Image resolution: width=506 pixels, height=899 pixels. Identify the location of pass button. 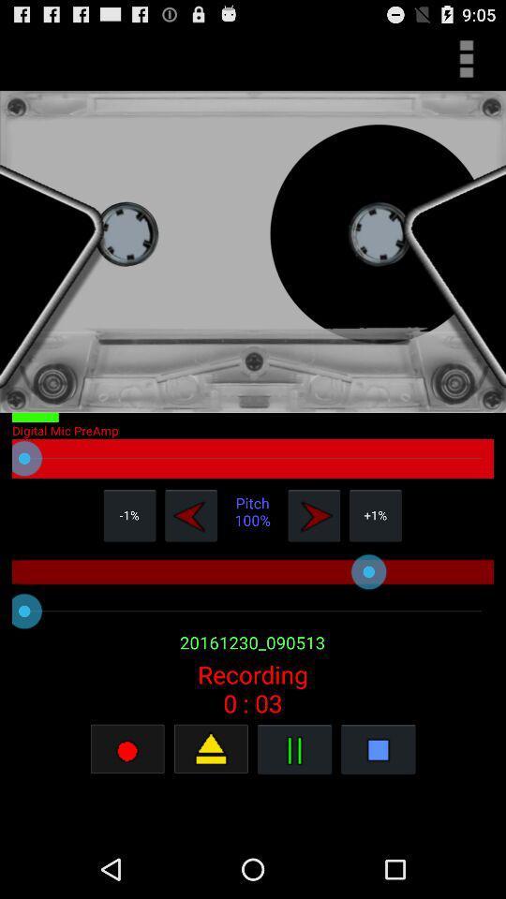
(294, 748).